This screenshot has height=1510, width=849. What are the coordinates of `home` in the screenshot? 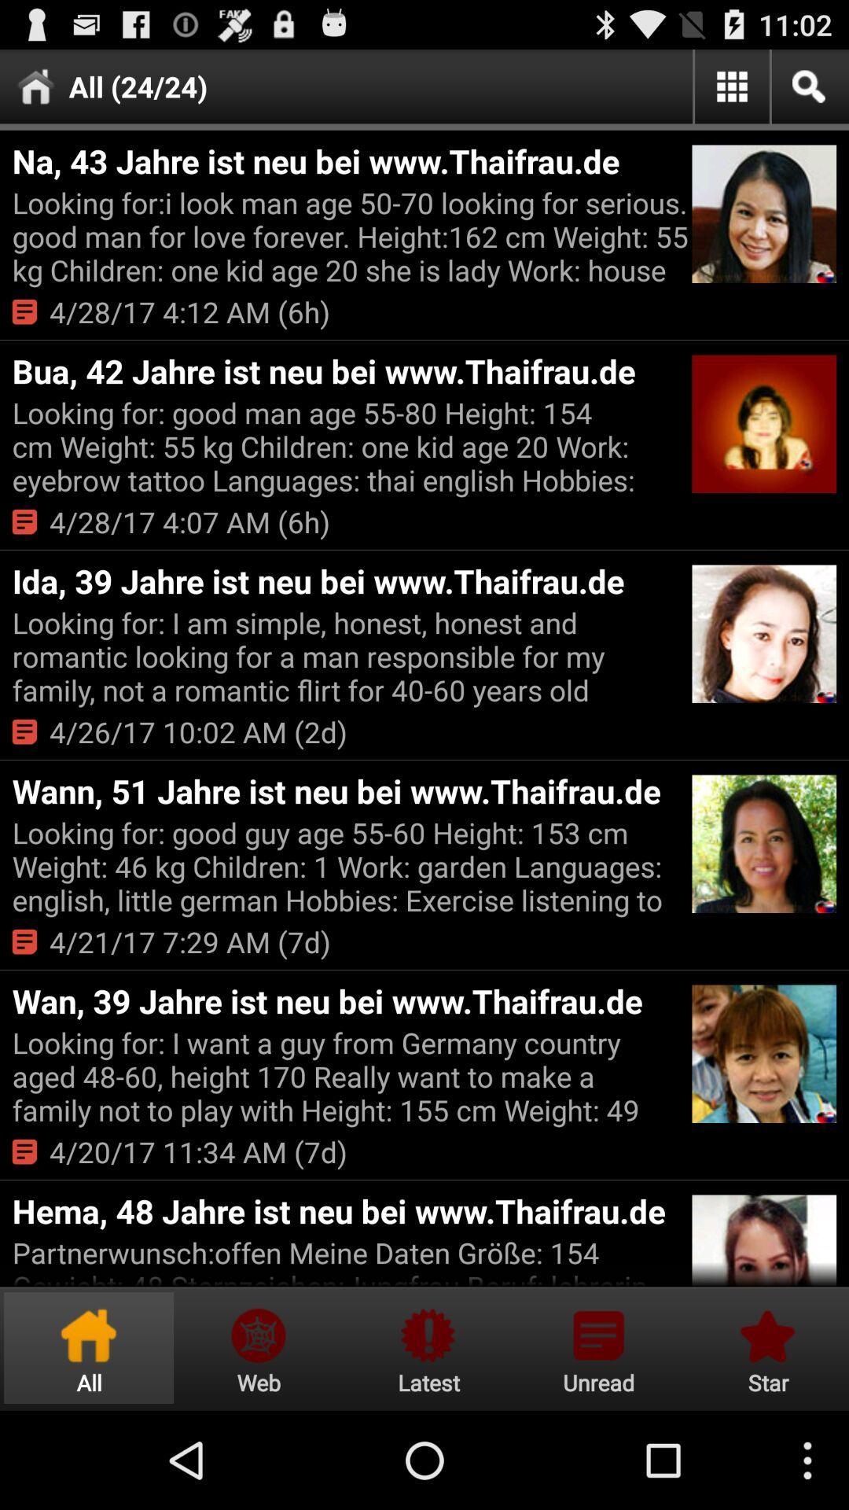 It's located at (89, 1347).